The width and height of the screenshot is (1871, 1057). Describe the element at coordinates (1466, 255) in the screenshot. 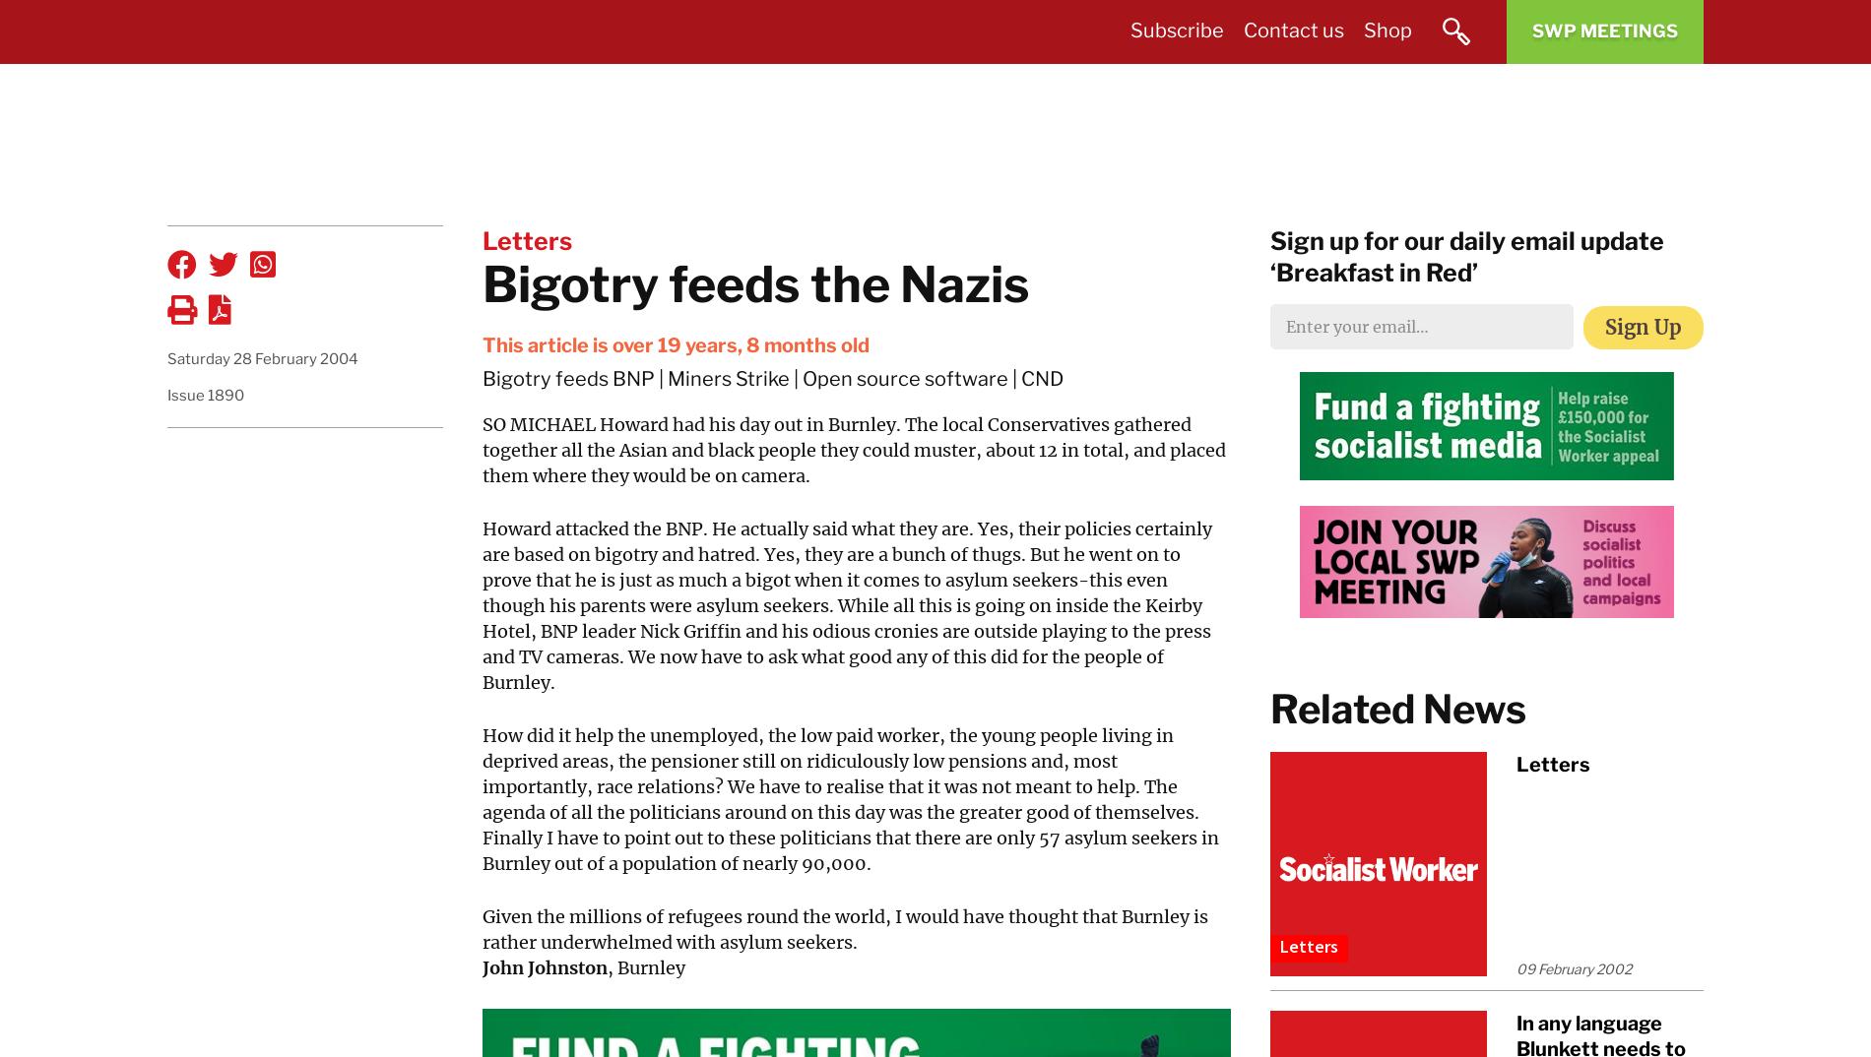

I see `'Sign up for our daily email update ‘Breakfast in Red’'` at that location.